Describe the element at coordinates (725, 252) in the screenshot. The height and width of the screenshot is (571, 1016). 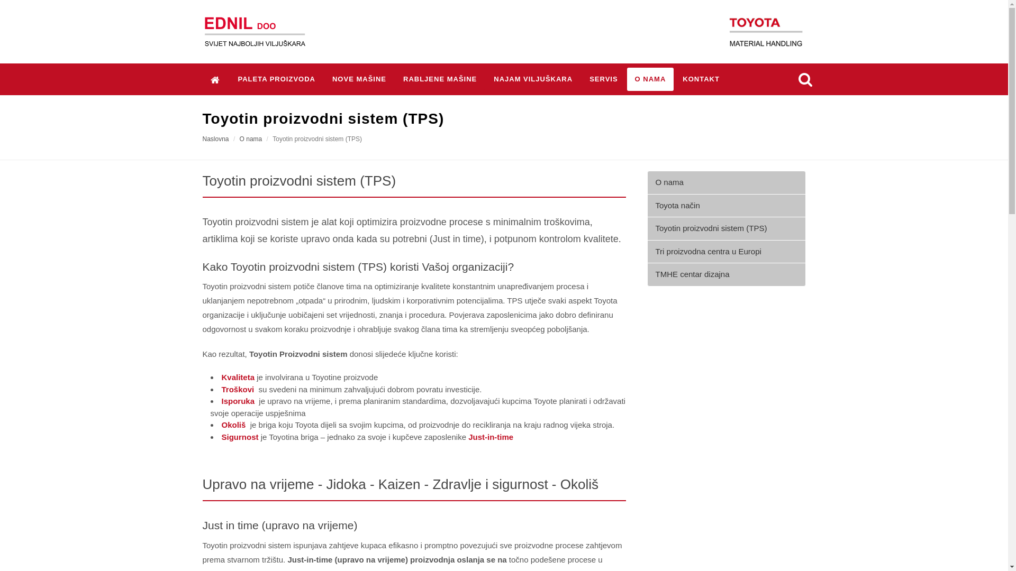
I see `'Tri proizvodna centra u Europi'` at that location.